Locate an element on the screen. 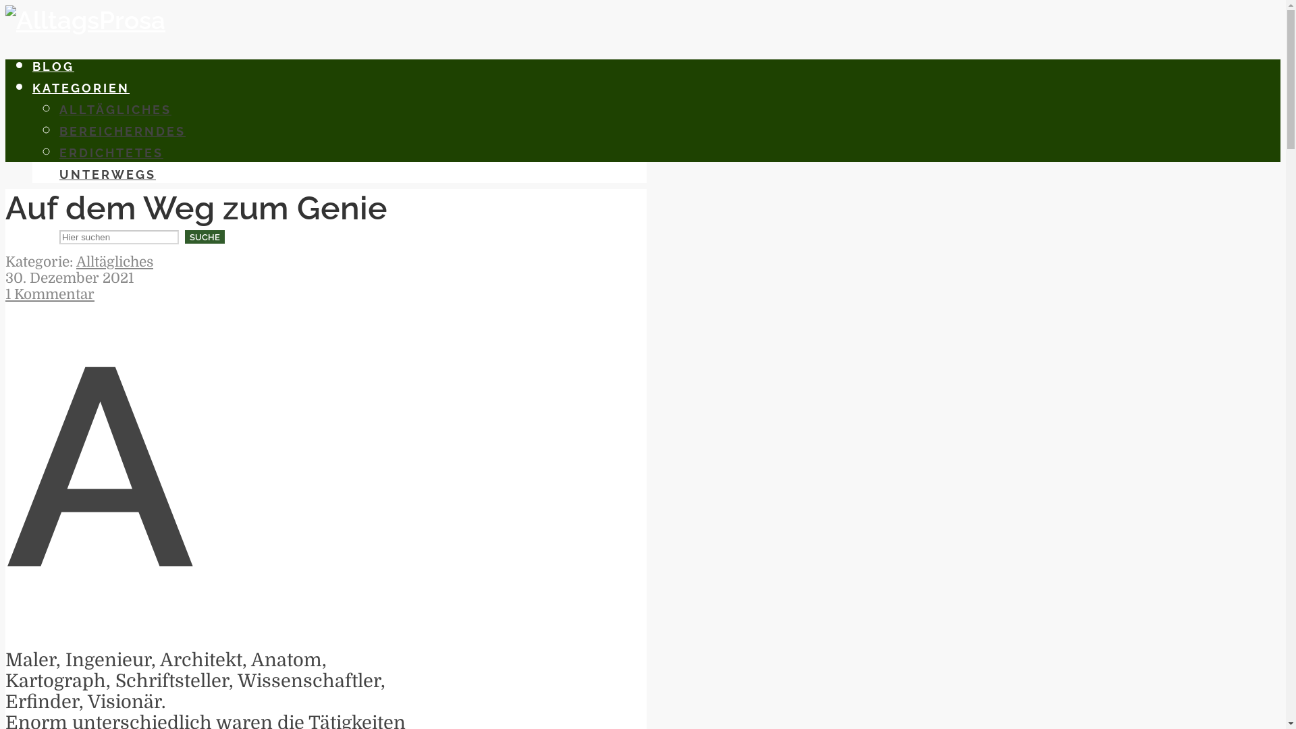 The height and width of the screenshot is (729, 1296). 'BEREICHERNDES' is located at coordinates (122, 131).